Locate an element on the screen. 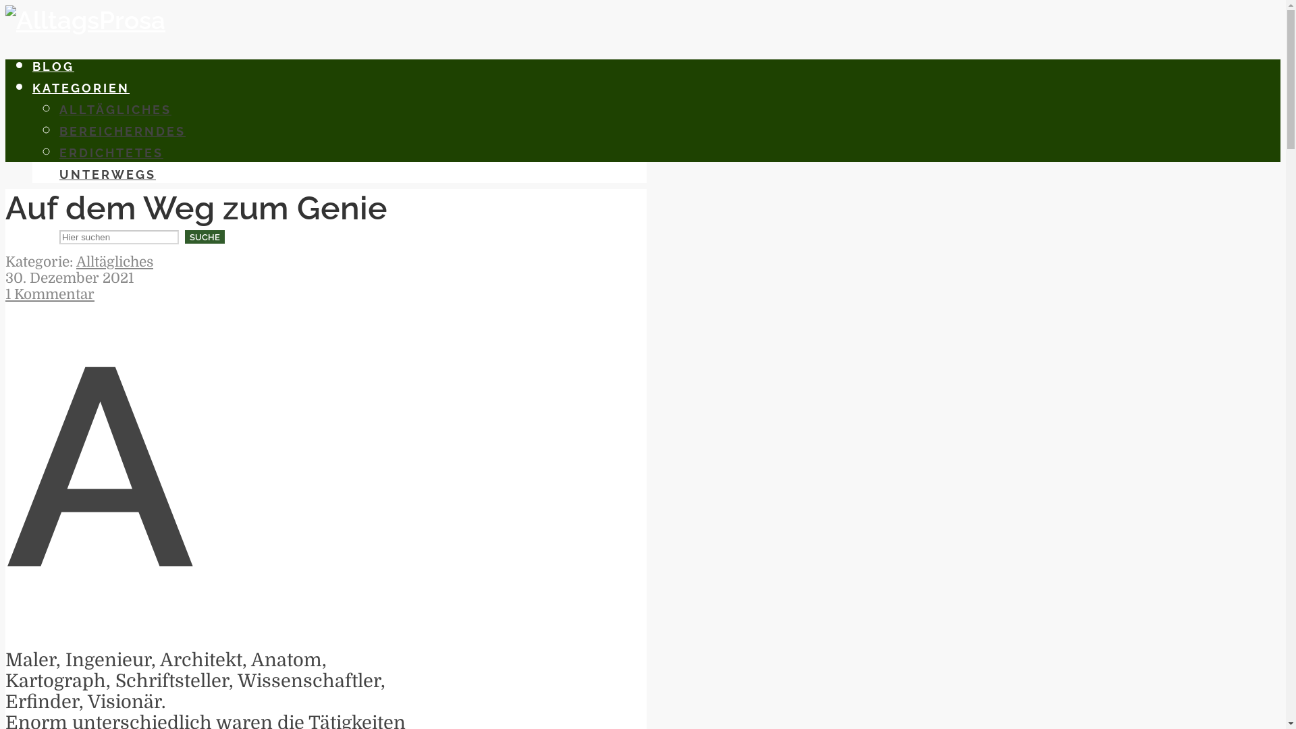 The height and width of the screenshot is (729, 1296). 'BEREICHERNDES' is located at coordinates (122, 131).